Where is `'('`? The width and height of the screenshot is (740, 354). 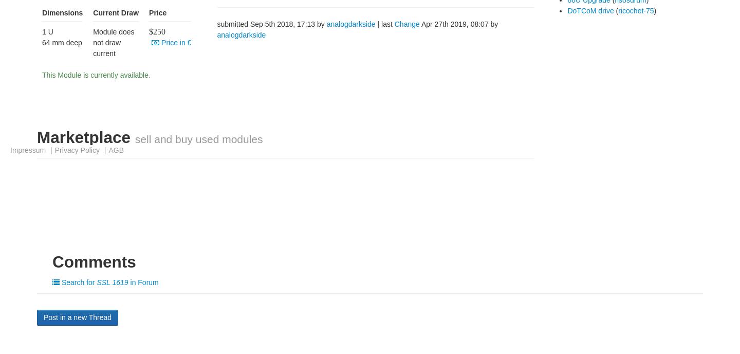 '(' is located at coordinates (614, 10).